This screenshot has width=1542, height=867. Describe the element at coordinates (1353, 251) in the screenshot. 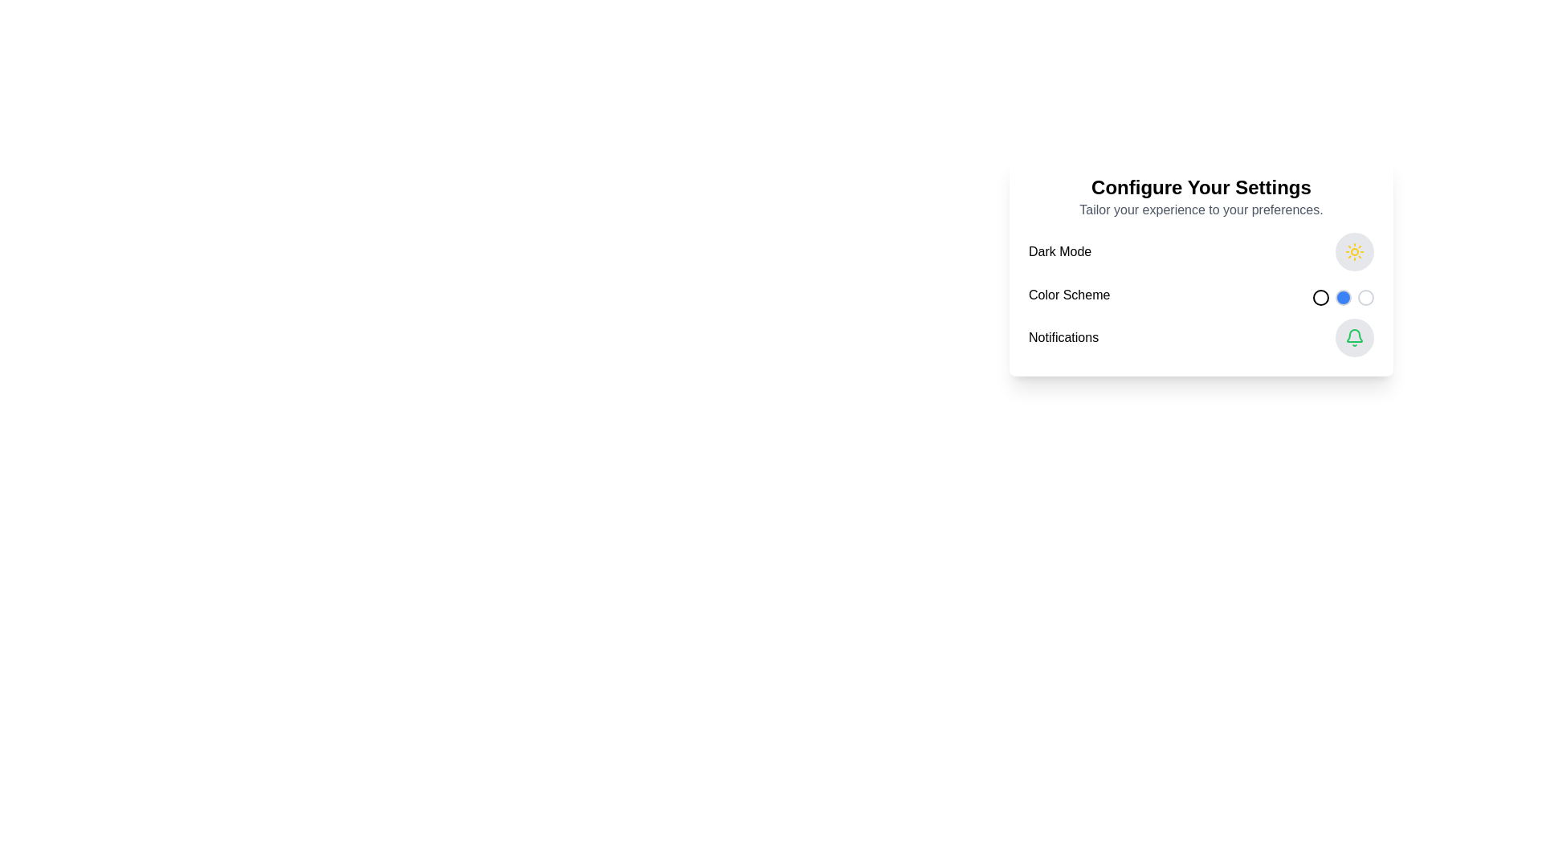

I see `the light mode toggle icon located to the right of the 'Dark Mode' label in the settings panel` at that location.